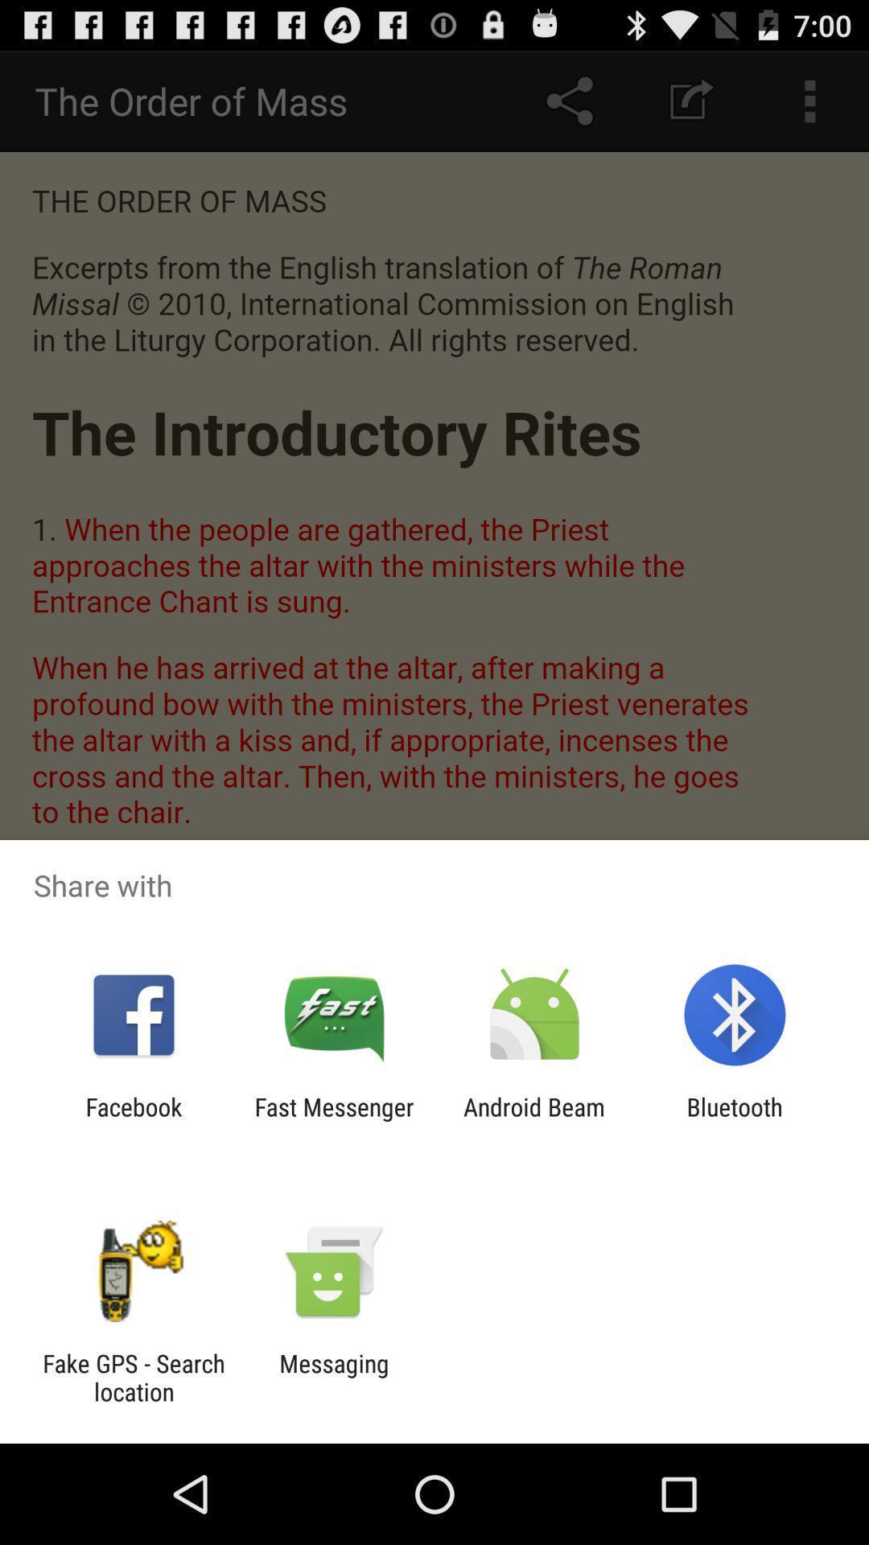 This screenshot has height=1545, width=869. I want to click on the icon next to fast messenger app, so click(534, 1120).